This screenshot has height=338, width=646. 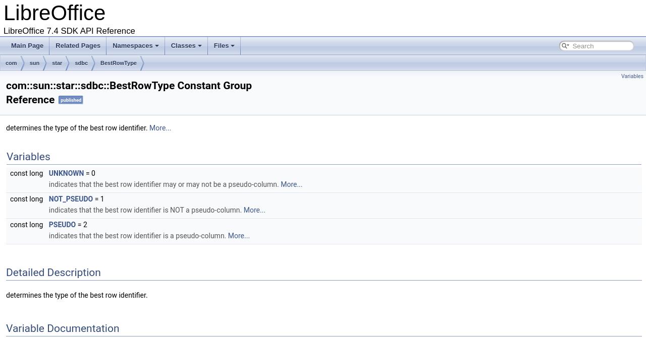 I want to click on 'Related Pages', so click(x=77, y=45).